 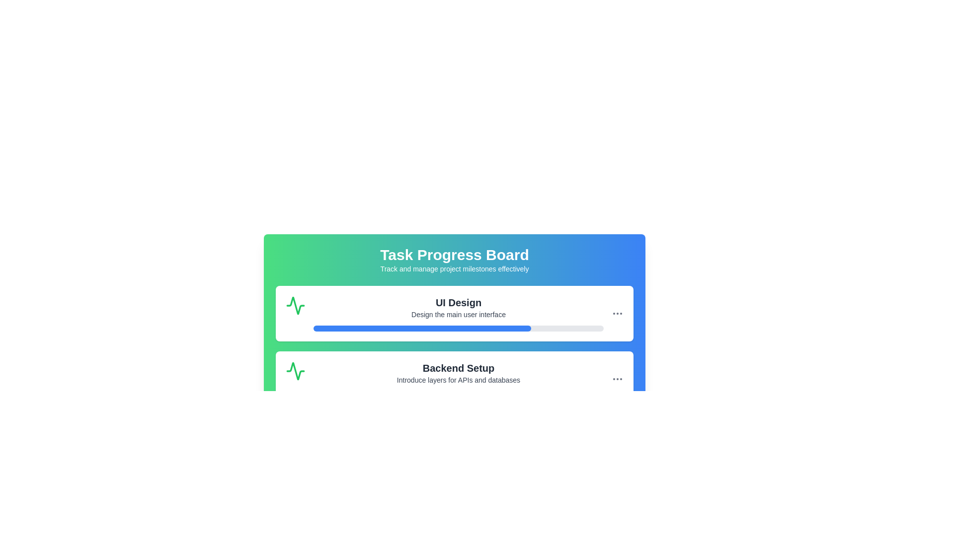 I want to click on the static decorative icon representing the task type or status within the 'Backend Setup' card, located in the left section adjacent to the text content, so click(x=295, y=371).